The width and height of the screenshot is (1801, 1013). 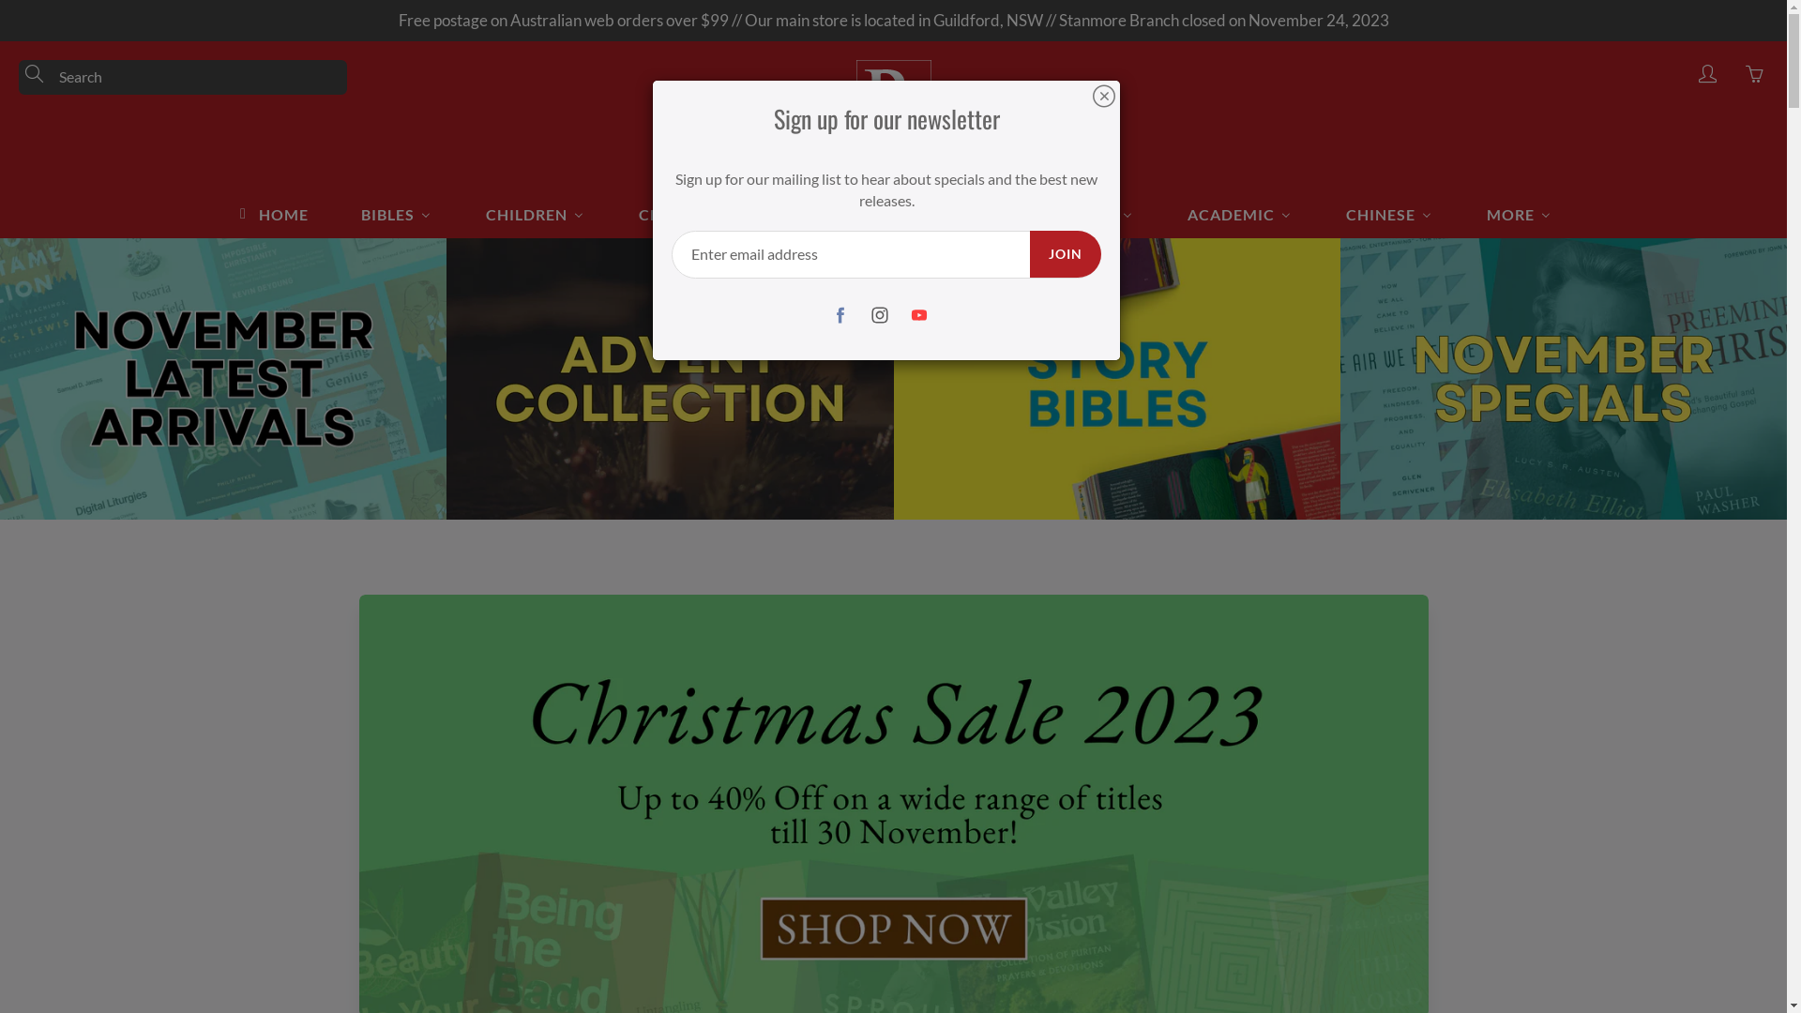 I want to click on 'BIBLES', so click(x=395, y=212).